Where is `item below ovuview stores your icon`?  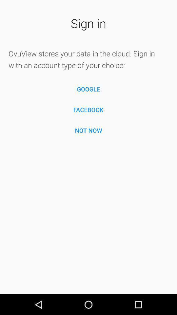
item below ovuview stores your icon is located at coordinates (88, 89).